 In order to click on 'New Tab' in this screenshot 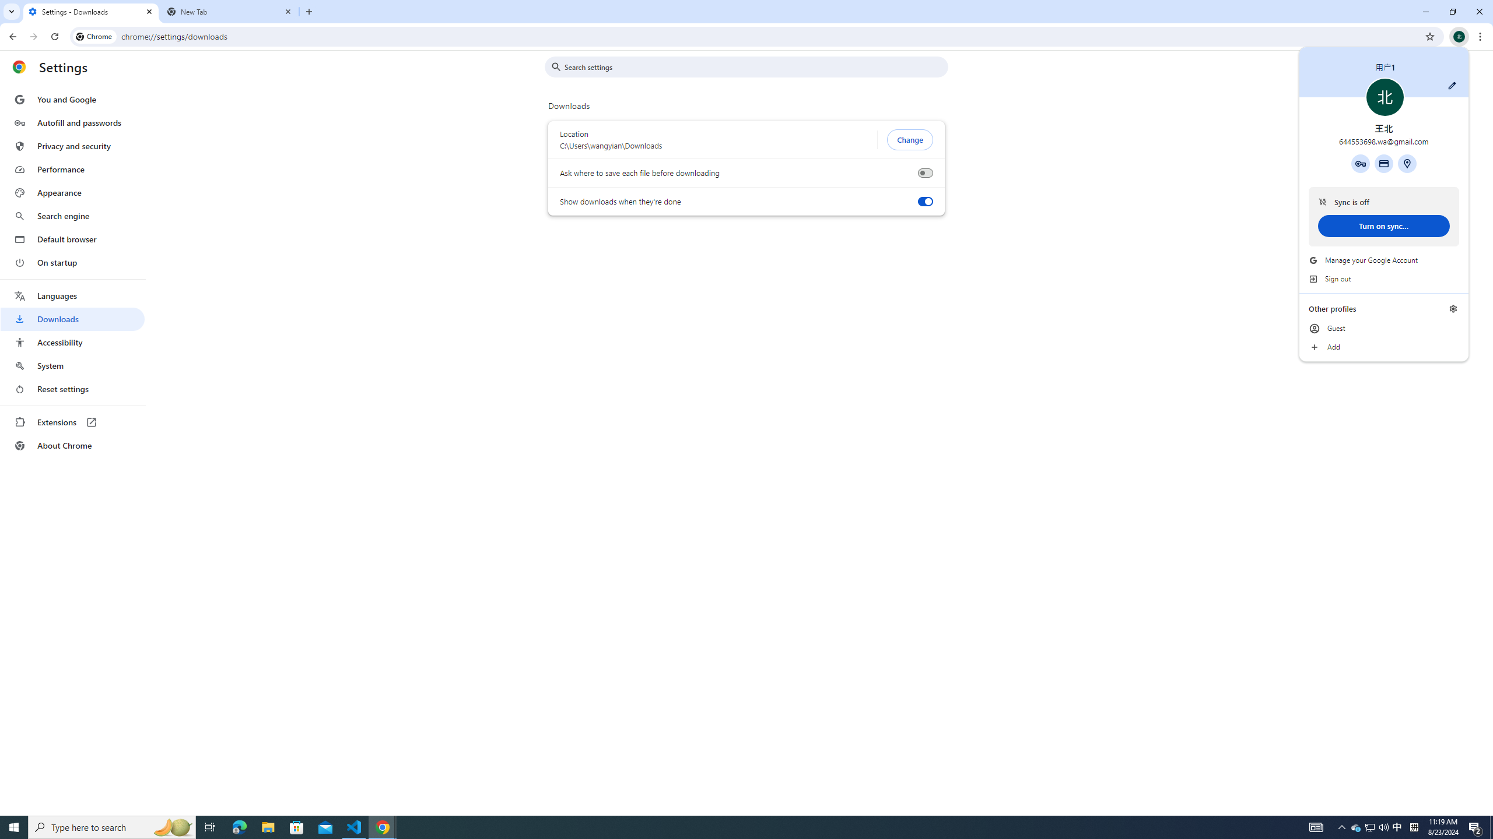, I will do `click(230, 11)`.